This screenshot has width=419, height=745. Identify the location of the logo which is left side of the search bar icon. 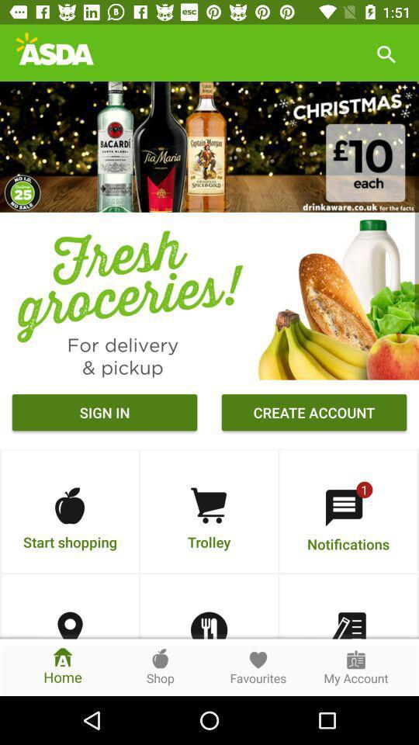
(54, 53).